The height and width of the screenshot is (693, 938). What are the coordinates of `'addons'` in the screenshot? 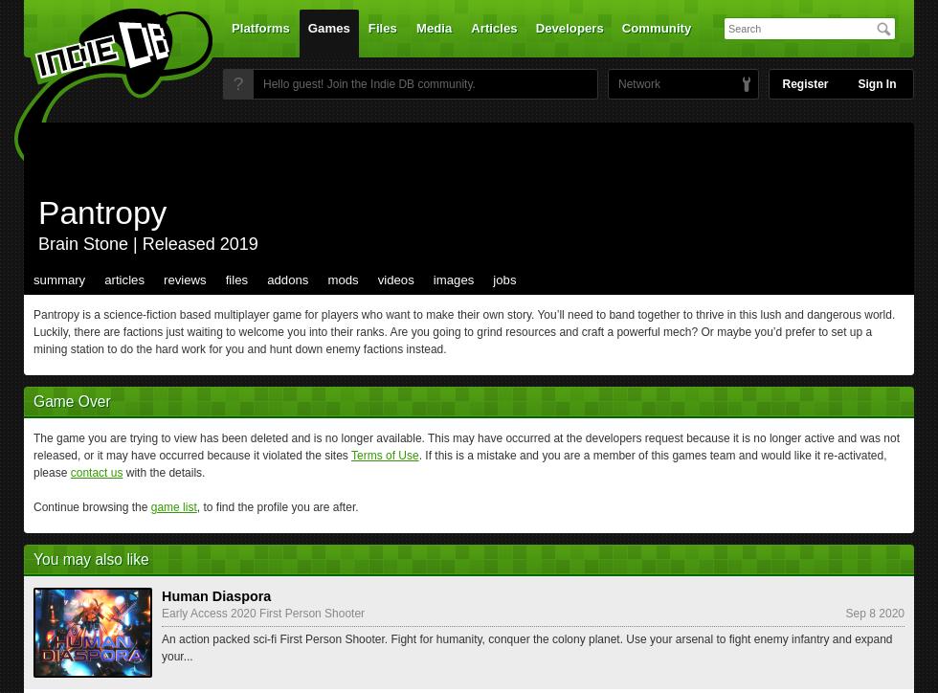 It's located at (287, 279).